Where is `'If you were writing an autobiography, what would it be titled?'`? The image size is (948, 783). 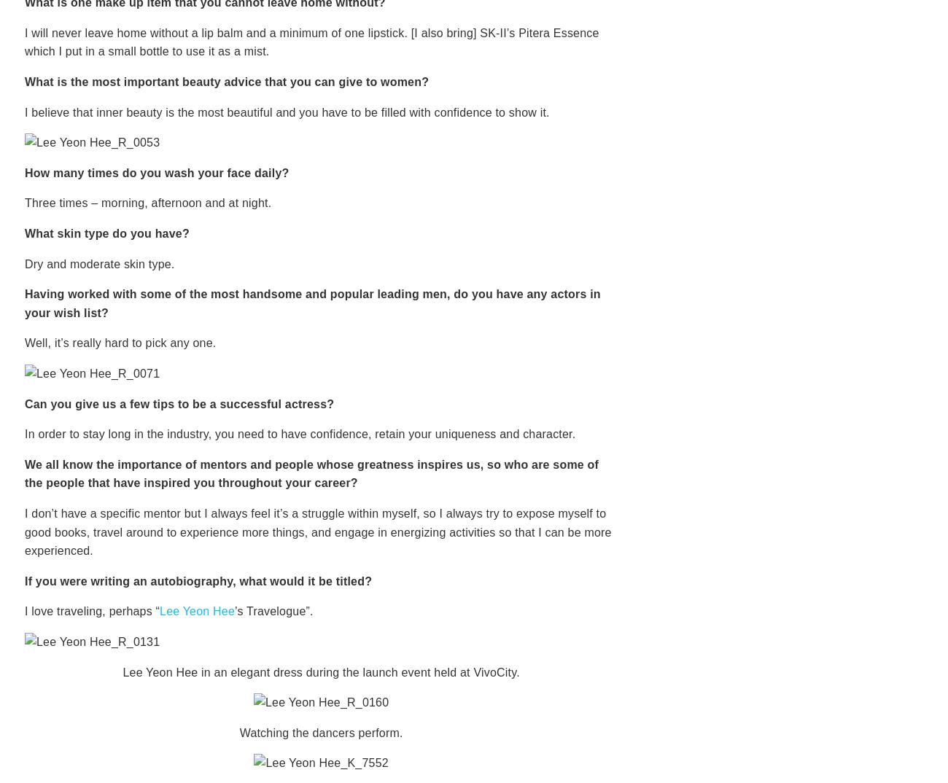
'If you were writing an autobiography, what would it be titled?' is located at coordinates (24, 580).